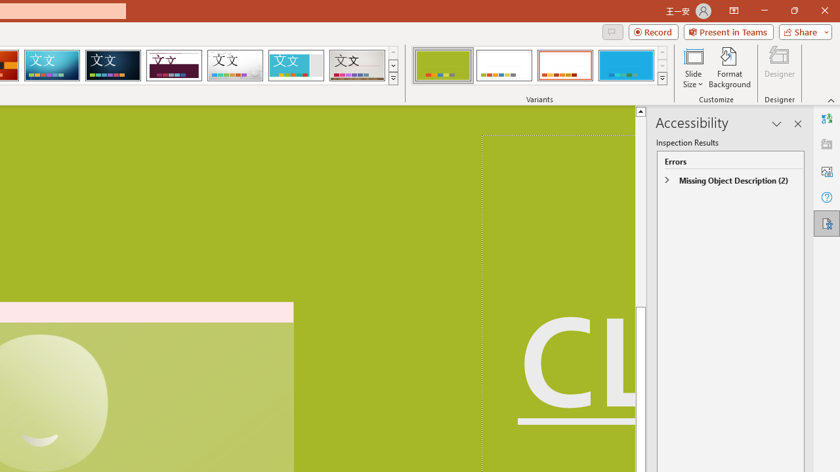 Image resolution: width=840 pixels, height=472 pixels. What do you see at coordinates (392, 79) in the screenshot?
I see `'Themes'` at bounding box center [392, 79].